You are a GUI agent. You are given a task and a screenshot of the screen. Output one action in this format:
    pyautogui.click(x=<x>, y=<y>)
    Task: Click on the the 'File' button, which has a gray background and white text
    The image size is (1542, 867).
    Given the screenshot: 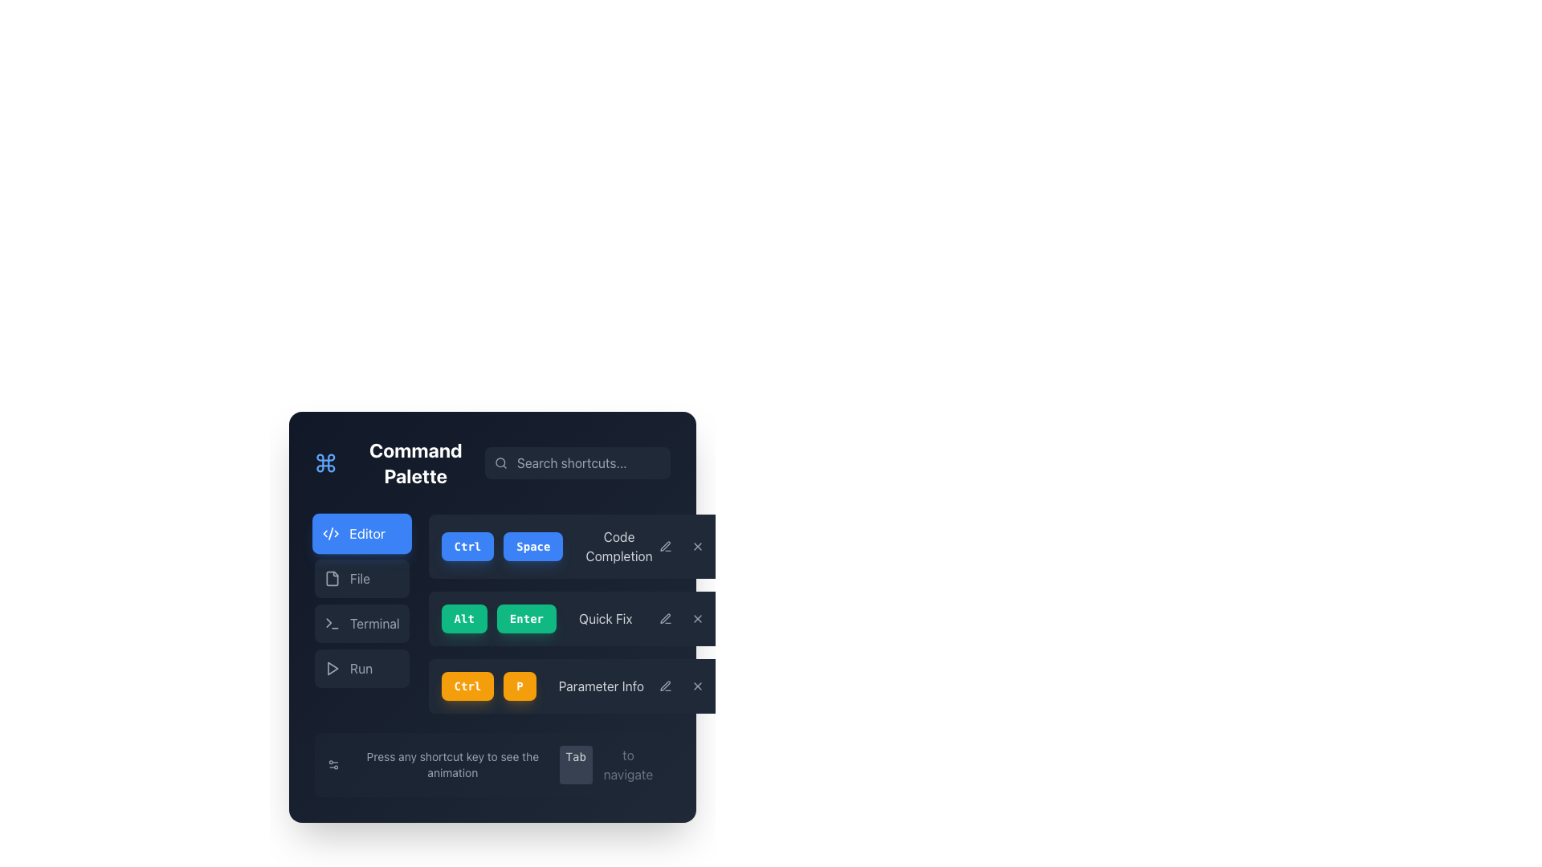 What is the action you would take?
    pyautogui.click(x=361, y=579)
    